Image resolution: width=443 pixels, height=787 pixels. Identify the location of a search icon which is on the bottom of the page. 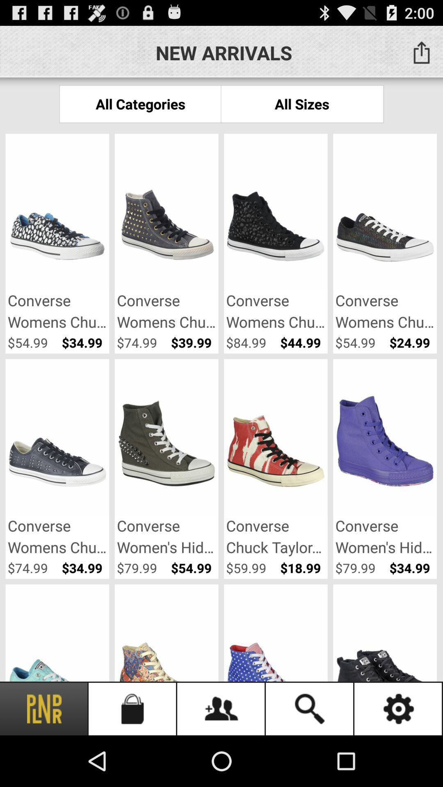
(310, 708).